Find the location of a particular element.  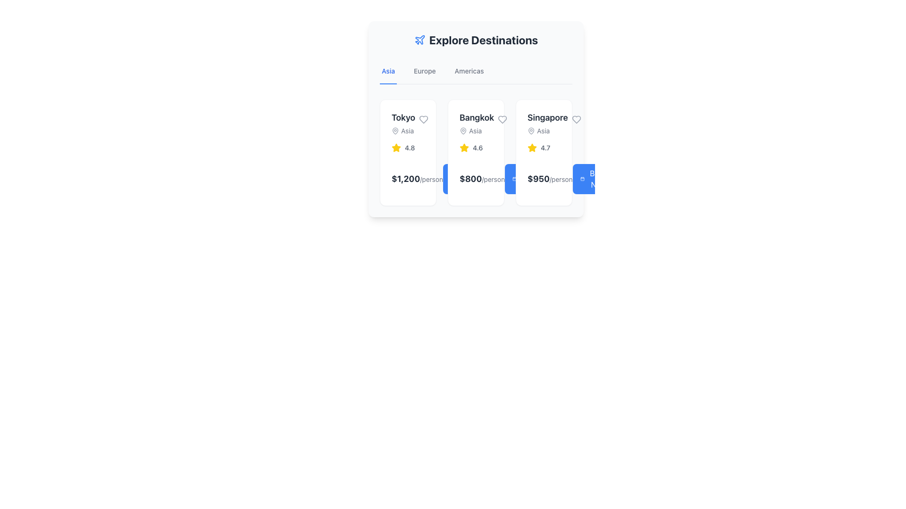

the star-shaped icon with a yellow fill and white stroke representing the rating in the middle card (Bangkok) under the 'Asia' tab in the 'Explore Destinations' section is located at coordinates (464, 148).